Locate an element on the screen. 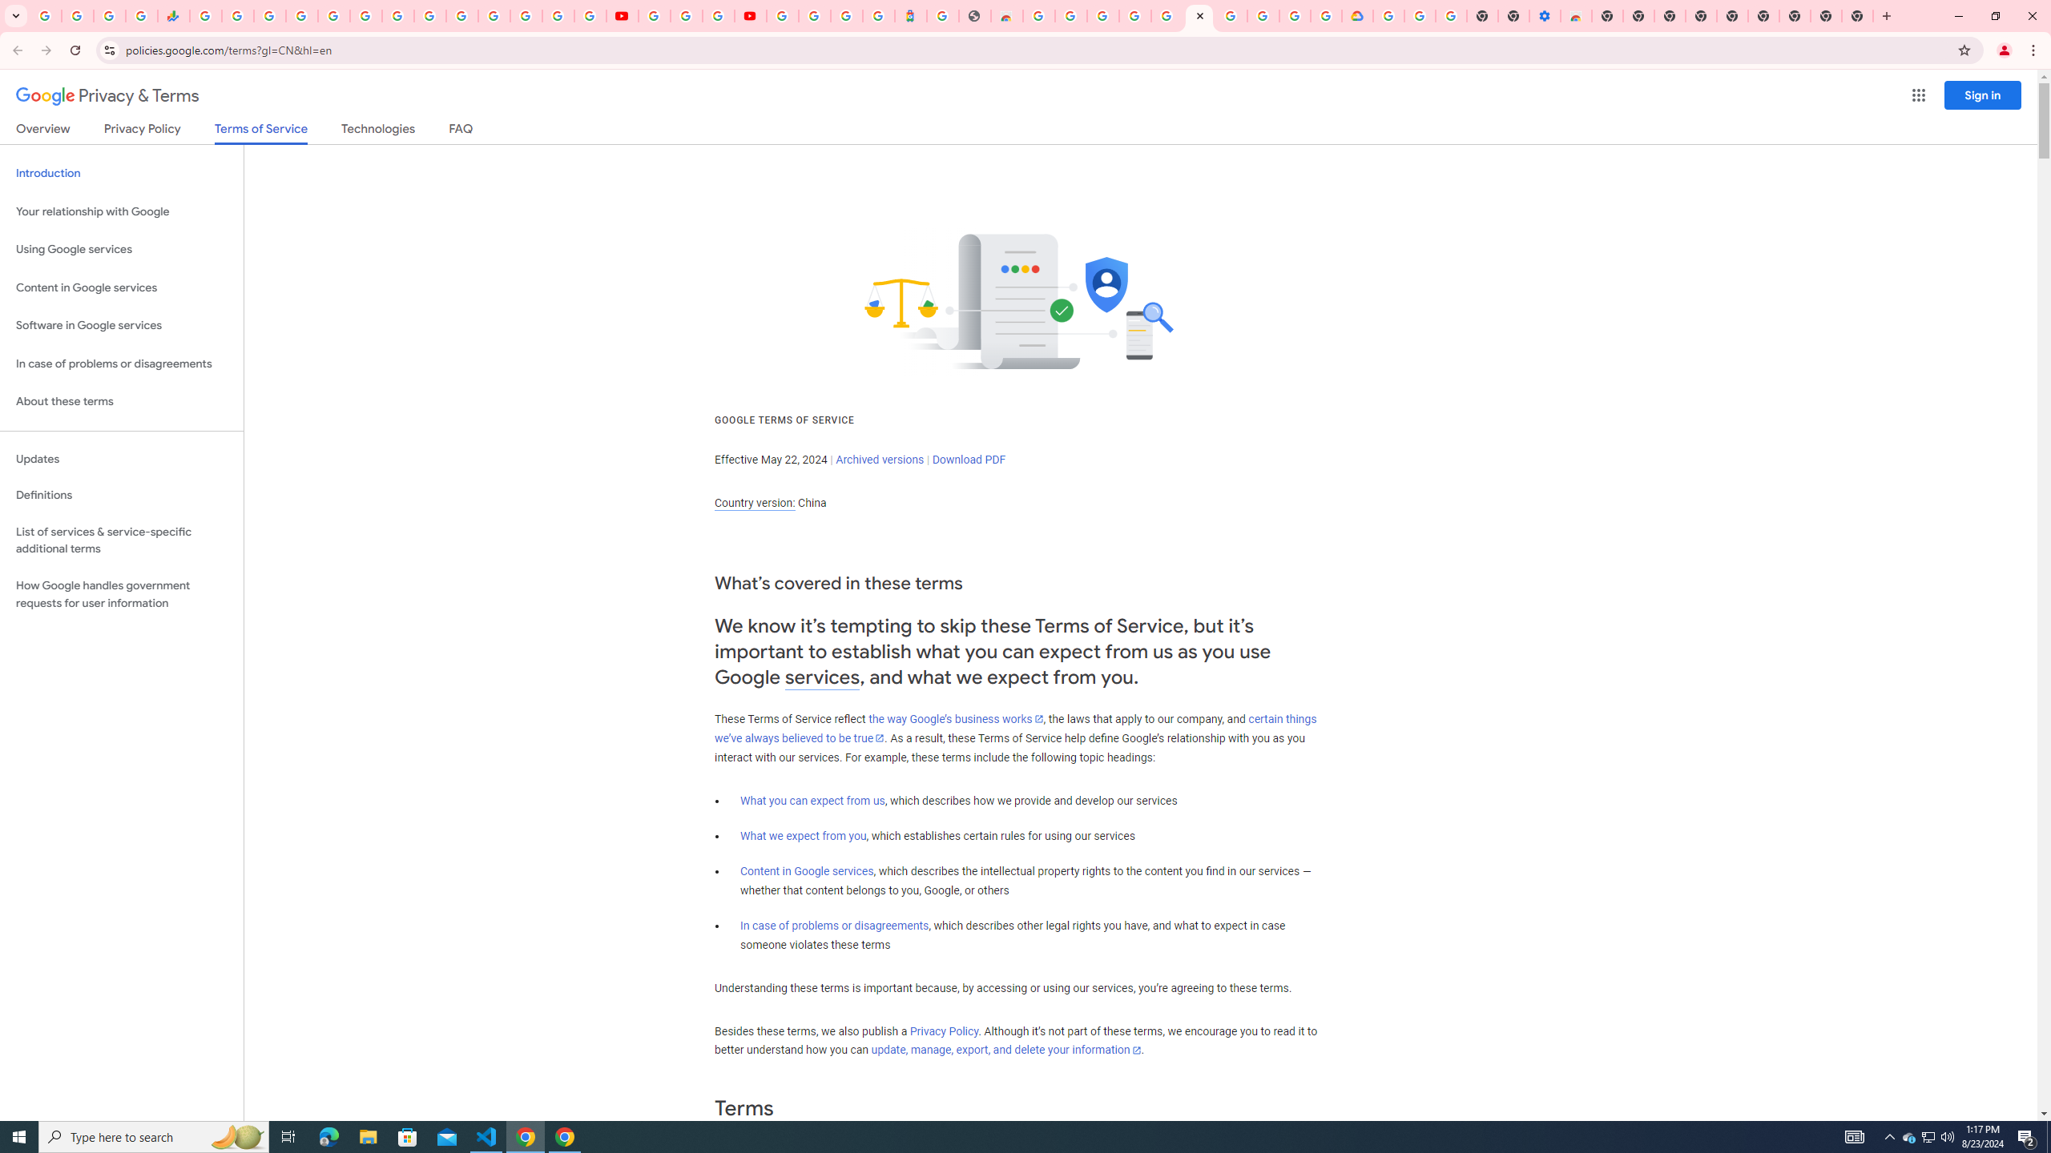 The image size is (2051, 1153). 'Settings - Accessibility' is located at coordinates (1544, 15).